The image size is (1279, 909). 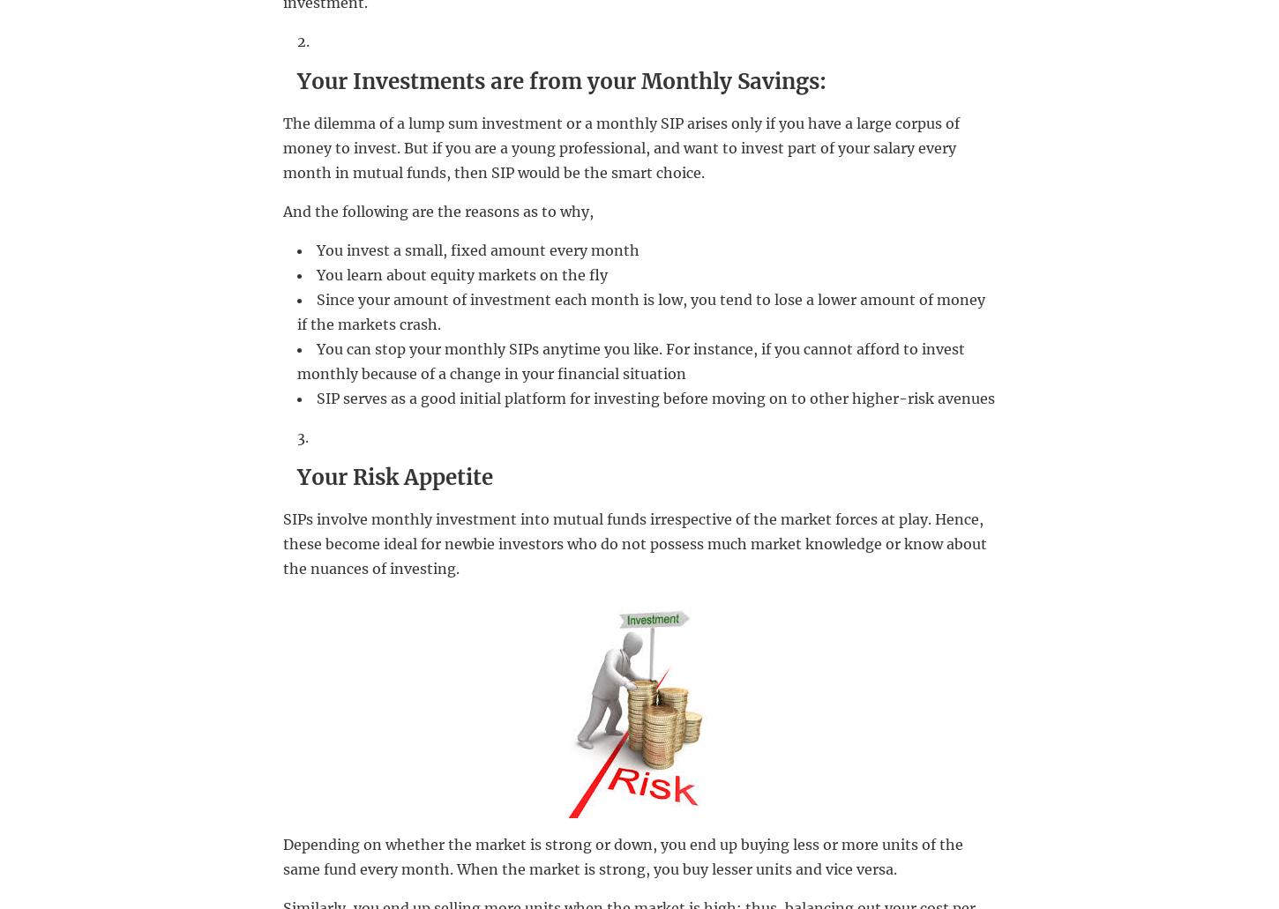 I want to click on 'Advices Academy', so click(x=356, y=836).